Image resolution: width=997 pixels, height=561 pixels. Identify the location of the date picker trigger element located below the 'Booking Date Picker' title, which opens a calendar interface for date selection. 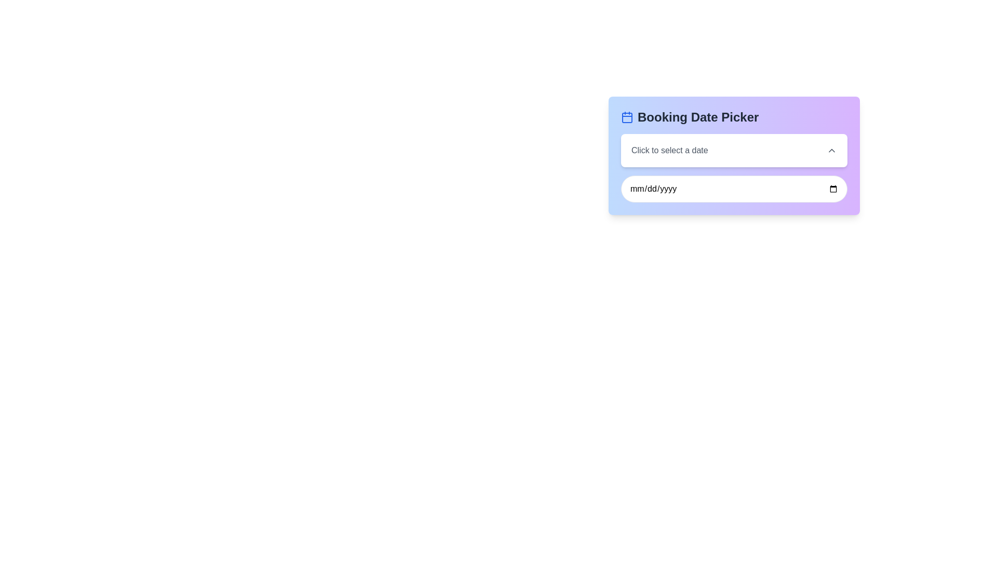
(734, 150).